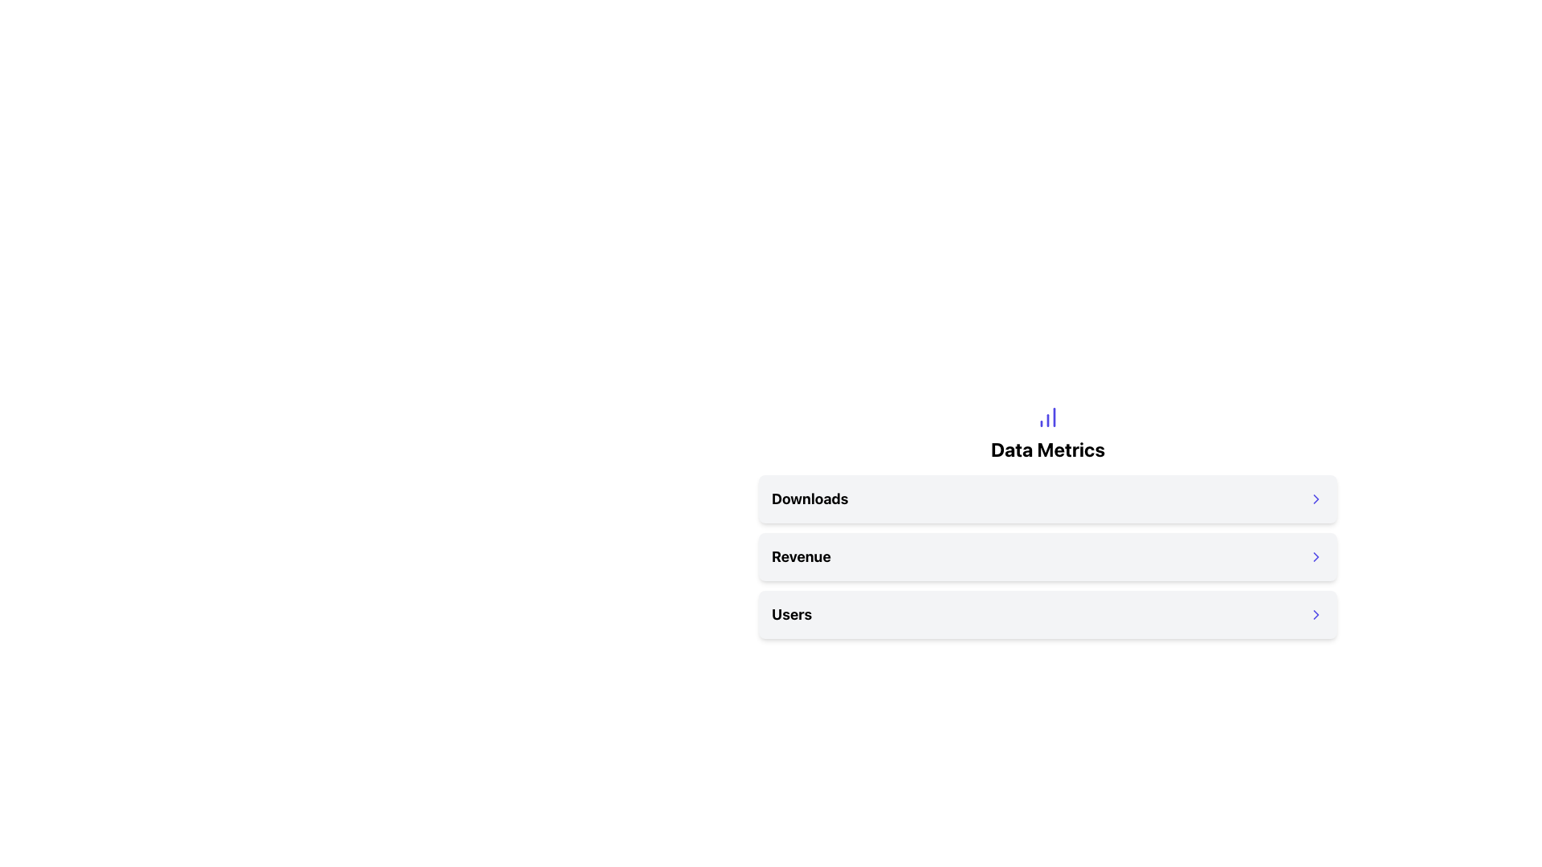 This screenshot has height=867, width=1542. What do you see at coordinates (1048, 449) in the screenshot?
I see `the header text element that displays 'Data Metrics', which is styled in a large and bold font, positioned below a chart icon and above list items labeled 'Downloads,' 'Revenue,' and 'Users.'` at bounding box center [1048, 449].